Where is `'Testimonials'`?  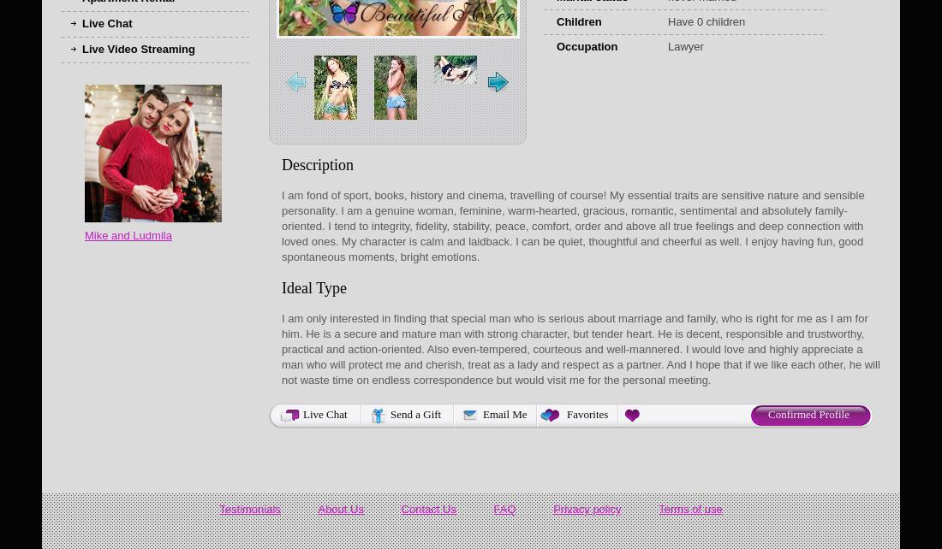
'Testimonials' is located at coordinates (248, 508).